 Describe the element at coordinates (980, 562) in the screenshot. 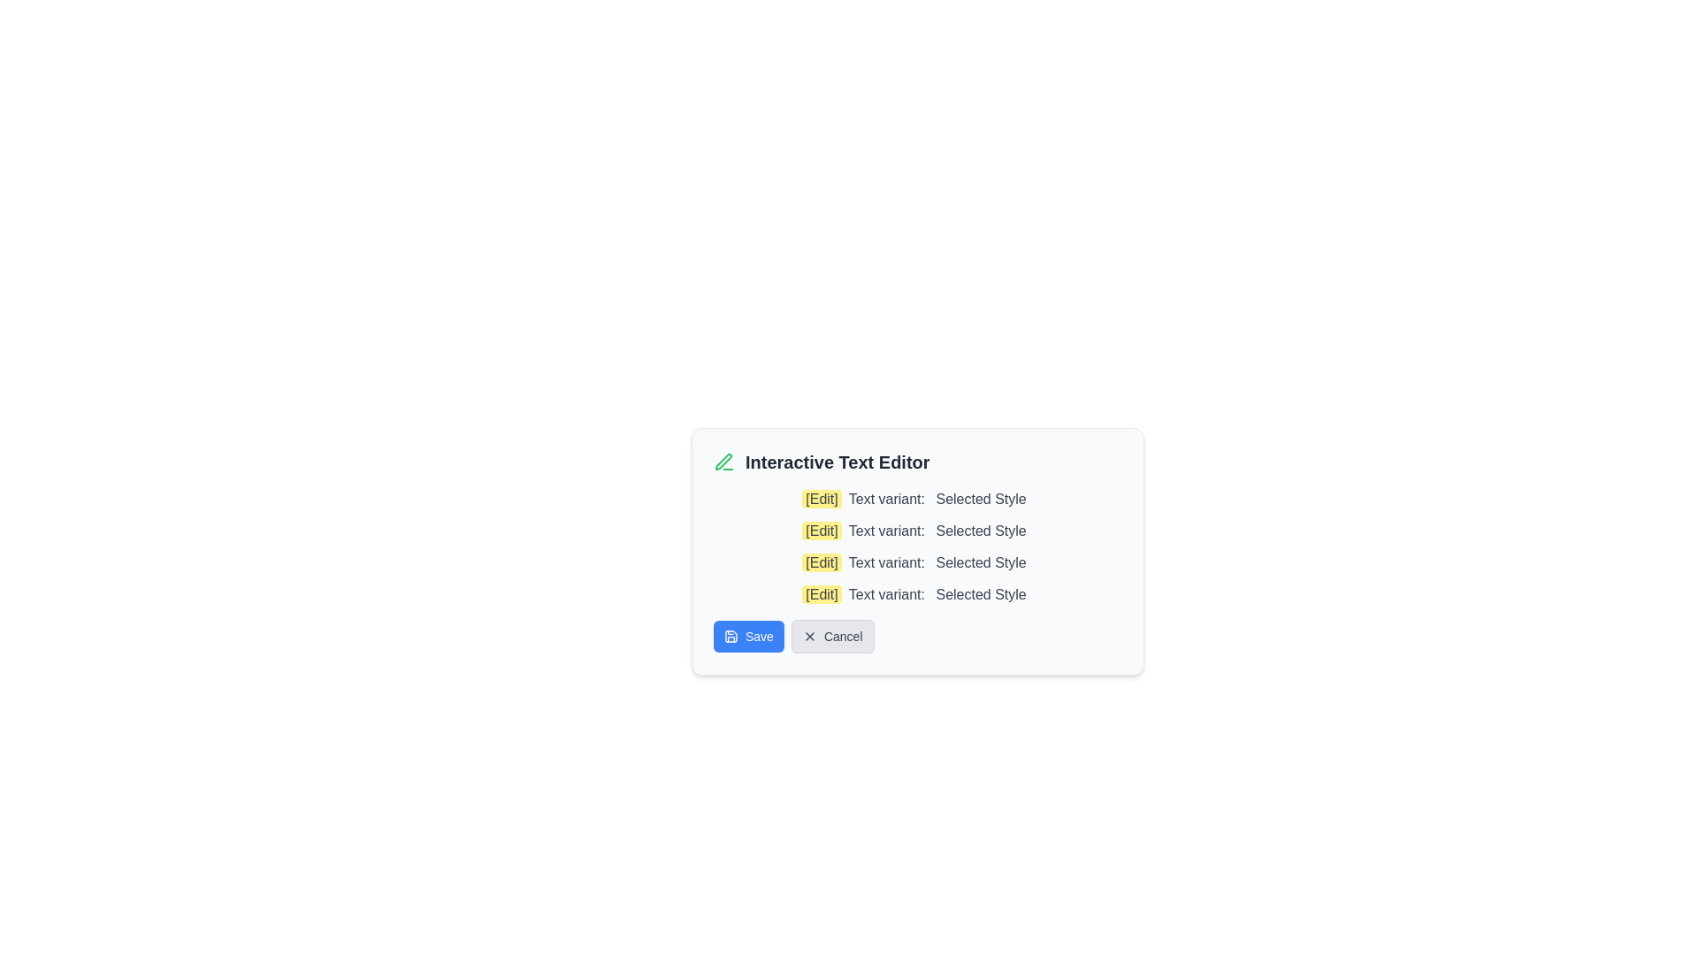

I see `text from the 'Selected Style' label, which is highlighted and part of the 'Interactive Text Editor' dialog, indicating it is a selected option` at that location.